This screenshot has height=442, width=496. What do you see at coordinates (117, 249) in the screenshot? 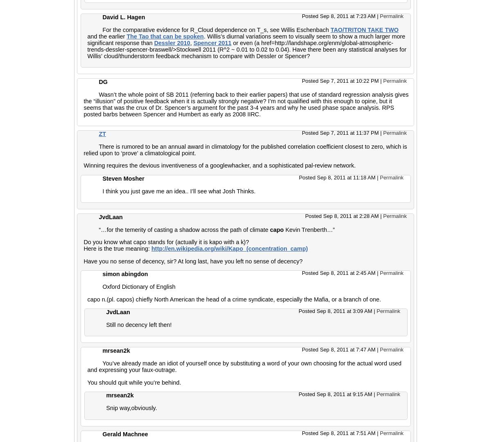
I see `'Here is the true meaning:'` at bounding box center [117, 249].